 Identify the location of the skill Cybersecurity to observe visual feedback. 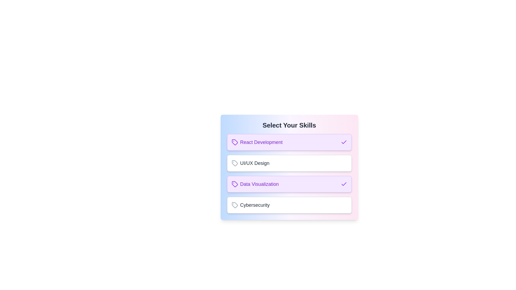
(289, 205).